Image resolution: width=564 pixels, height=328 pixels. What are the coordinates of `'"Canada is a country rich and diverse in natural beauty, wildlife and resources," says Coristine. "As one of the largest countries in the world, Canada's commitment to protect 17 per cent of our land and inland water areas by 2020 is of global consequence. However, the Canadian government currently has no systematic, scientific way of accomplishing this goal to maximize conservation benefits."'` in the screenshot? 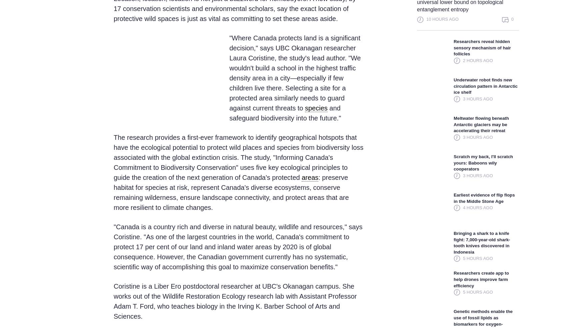 It's located at (238, 247).